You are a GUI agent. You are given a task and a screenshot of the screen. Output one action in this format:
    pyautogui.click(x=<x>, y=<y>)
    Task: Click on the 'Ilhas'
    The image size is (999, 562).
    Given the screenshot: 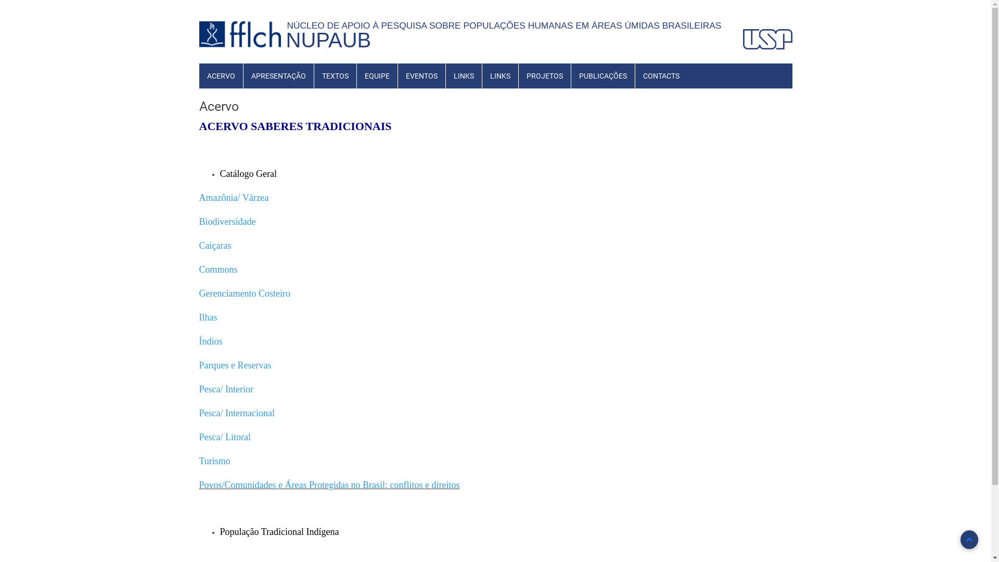 What is the action you would take?
    pyautogui.click(x=208, y=317)
    